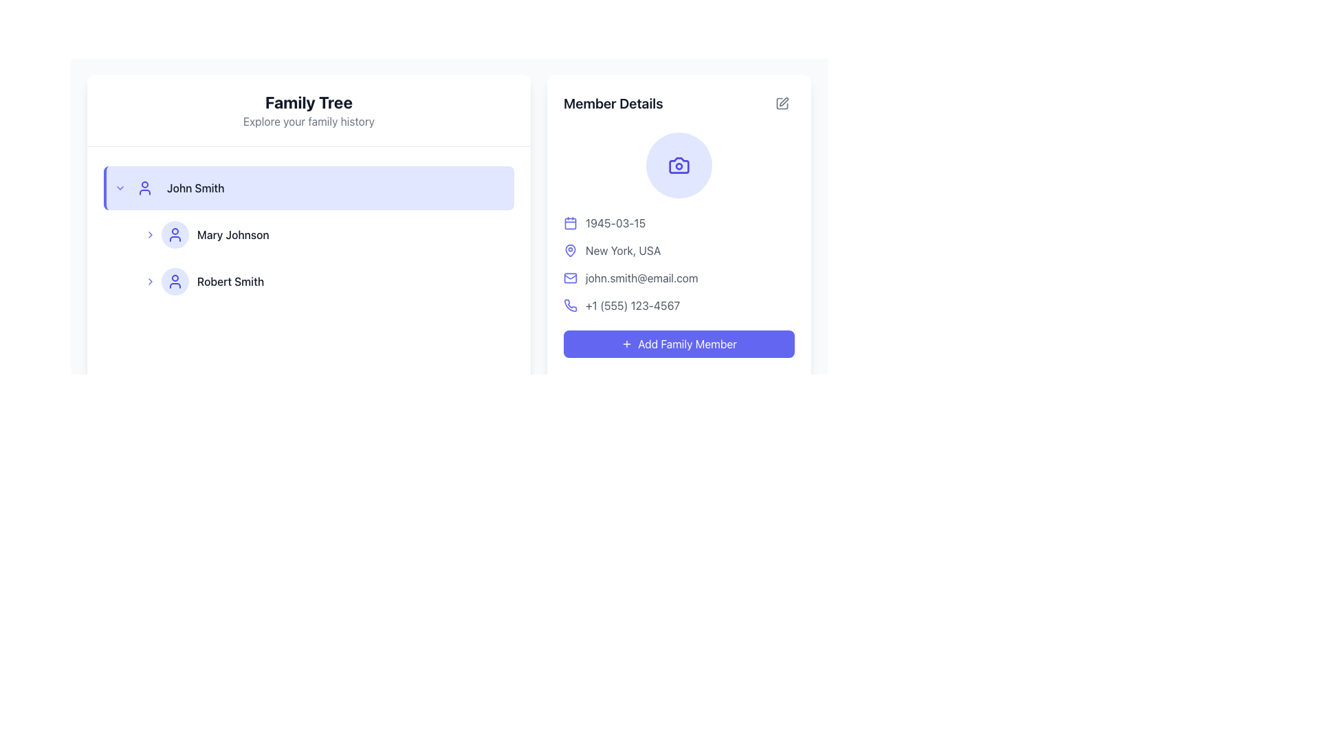 The image size is (1320, 742). Describe the element at coordinates (308, 234) in the screenshot. I see `the selectable list item displaying 'Mary Johnson', which is positioned beneath 'John Smith'` at that location.